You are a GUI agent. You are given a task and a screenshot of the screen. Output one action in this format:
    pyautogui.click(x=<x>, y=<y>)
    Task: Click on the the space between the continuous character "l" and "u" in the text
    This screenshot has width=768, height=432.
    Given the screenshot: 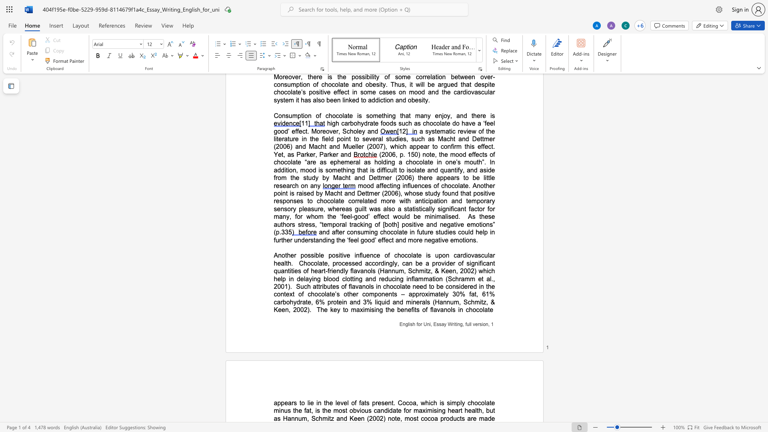 What is the action you would take?
    pyautogui.click(x=363, y=255)
    